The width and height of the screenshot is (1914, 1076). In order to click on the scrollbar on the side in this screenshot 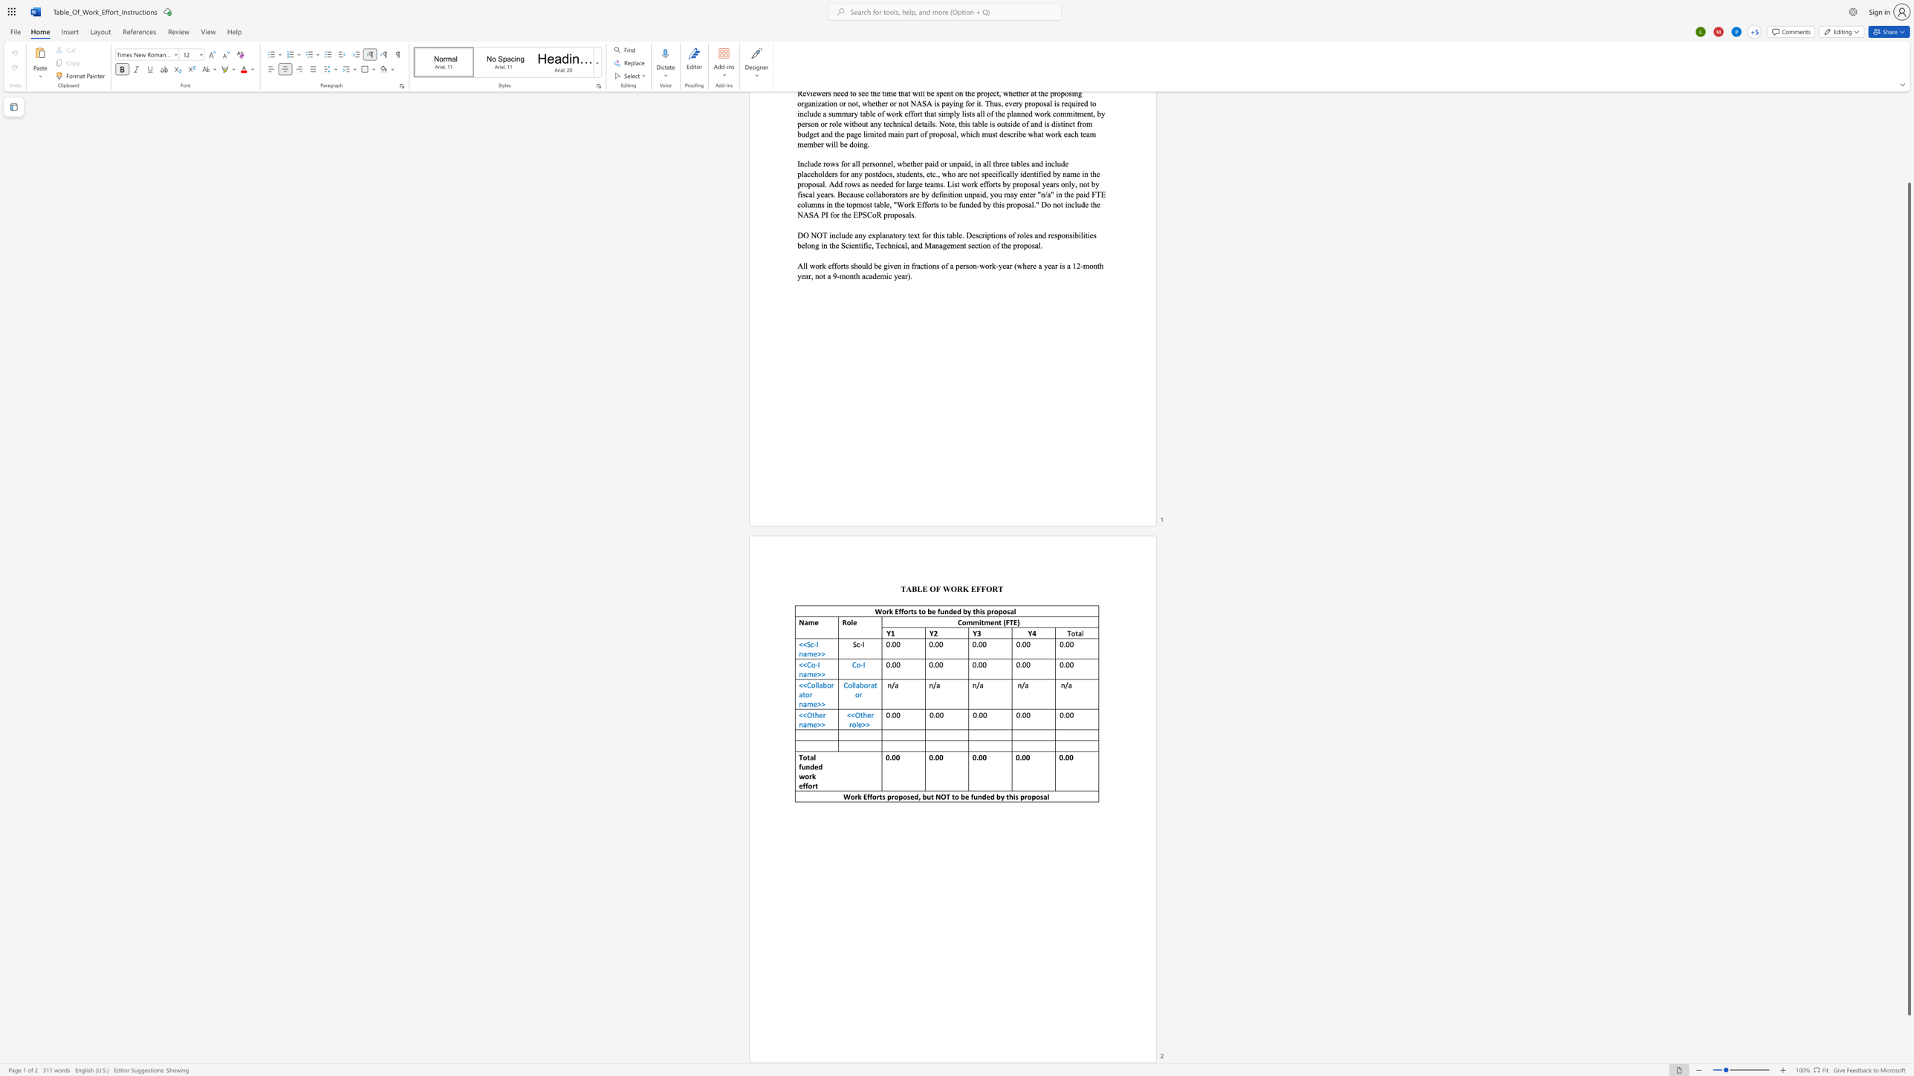, I will do `click(1908, 143)`.